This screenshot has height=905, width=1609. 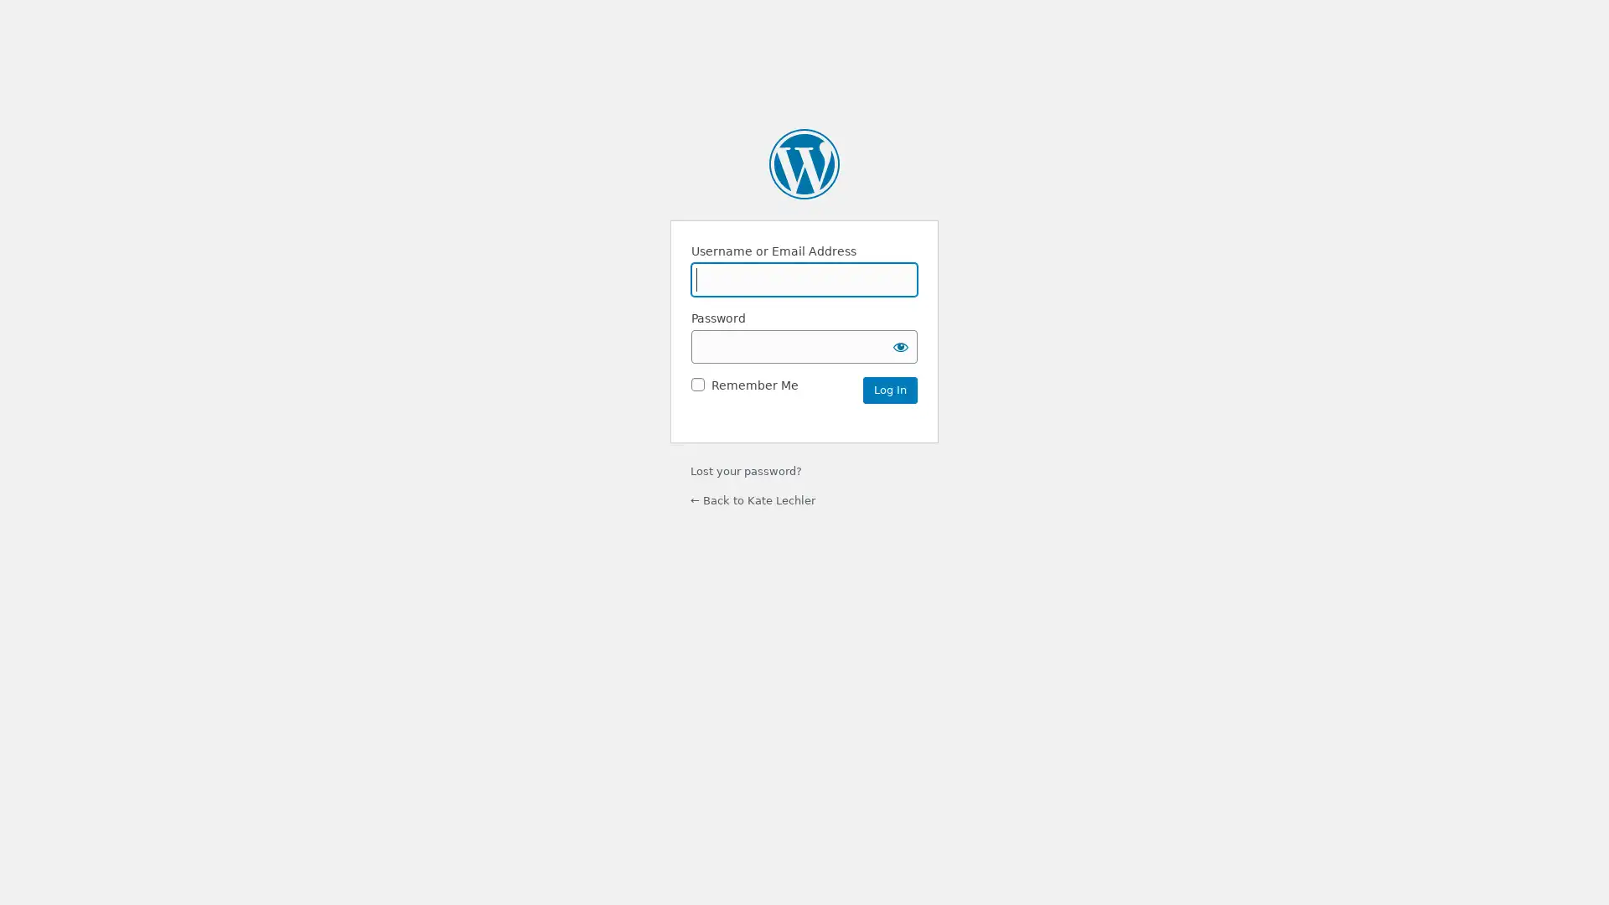 I want to click on Show password, so click(x=900, y=344).